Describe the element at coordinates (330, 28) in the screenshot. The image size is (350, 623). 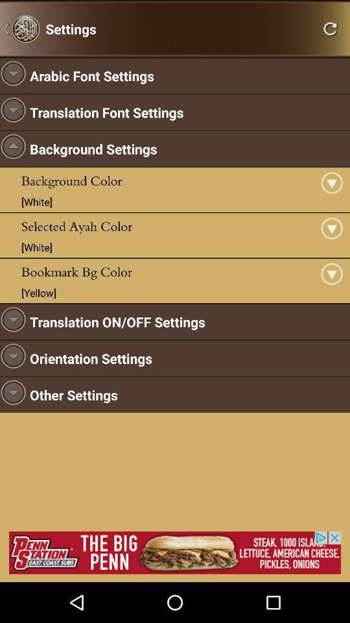
I see `reload the page` at that location.